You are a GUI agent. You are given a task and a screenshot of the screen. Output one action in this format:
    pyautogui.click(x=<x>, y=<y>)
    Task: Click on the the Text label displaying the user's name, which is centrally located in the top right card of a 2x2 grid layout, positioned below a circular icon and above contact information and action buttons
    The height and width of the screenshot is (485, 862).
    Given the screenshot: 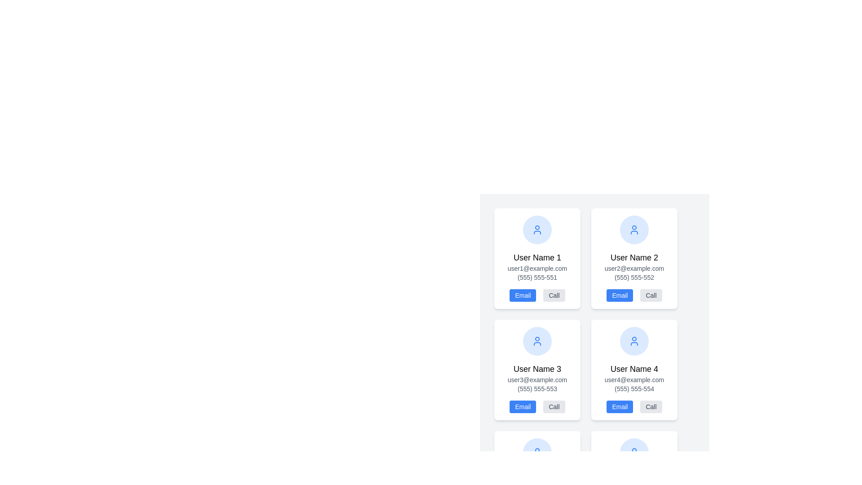 What is the action you would take?
    pyautogui.click(x=633, y=258)
    